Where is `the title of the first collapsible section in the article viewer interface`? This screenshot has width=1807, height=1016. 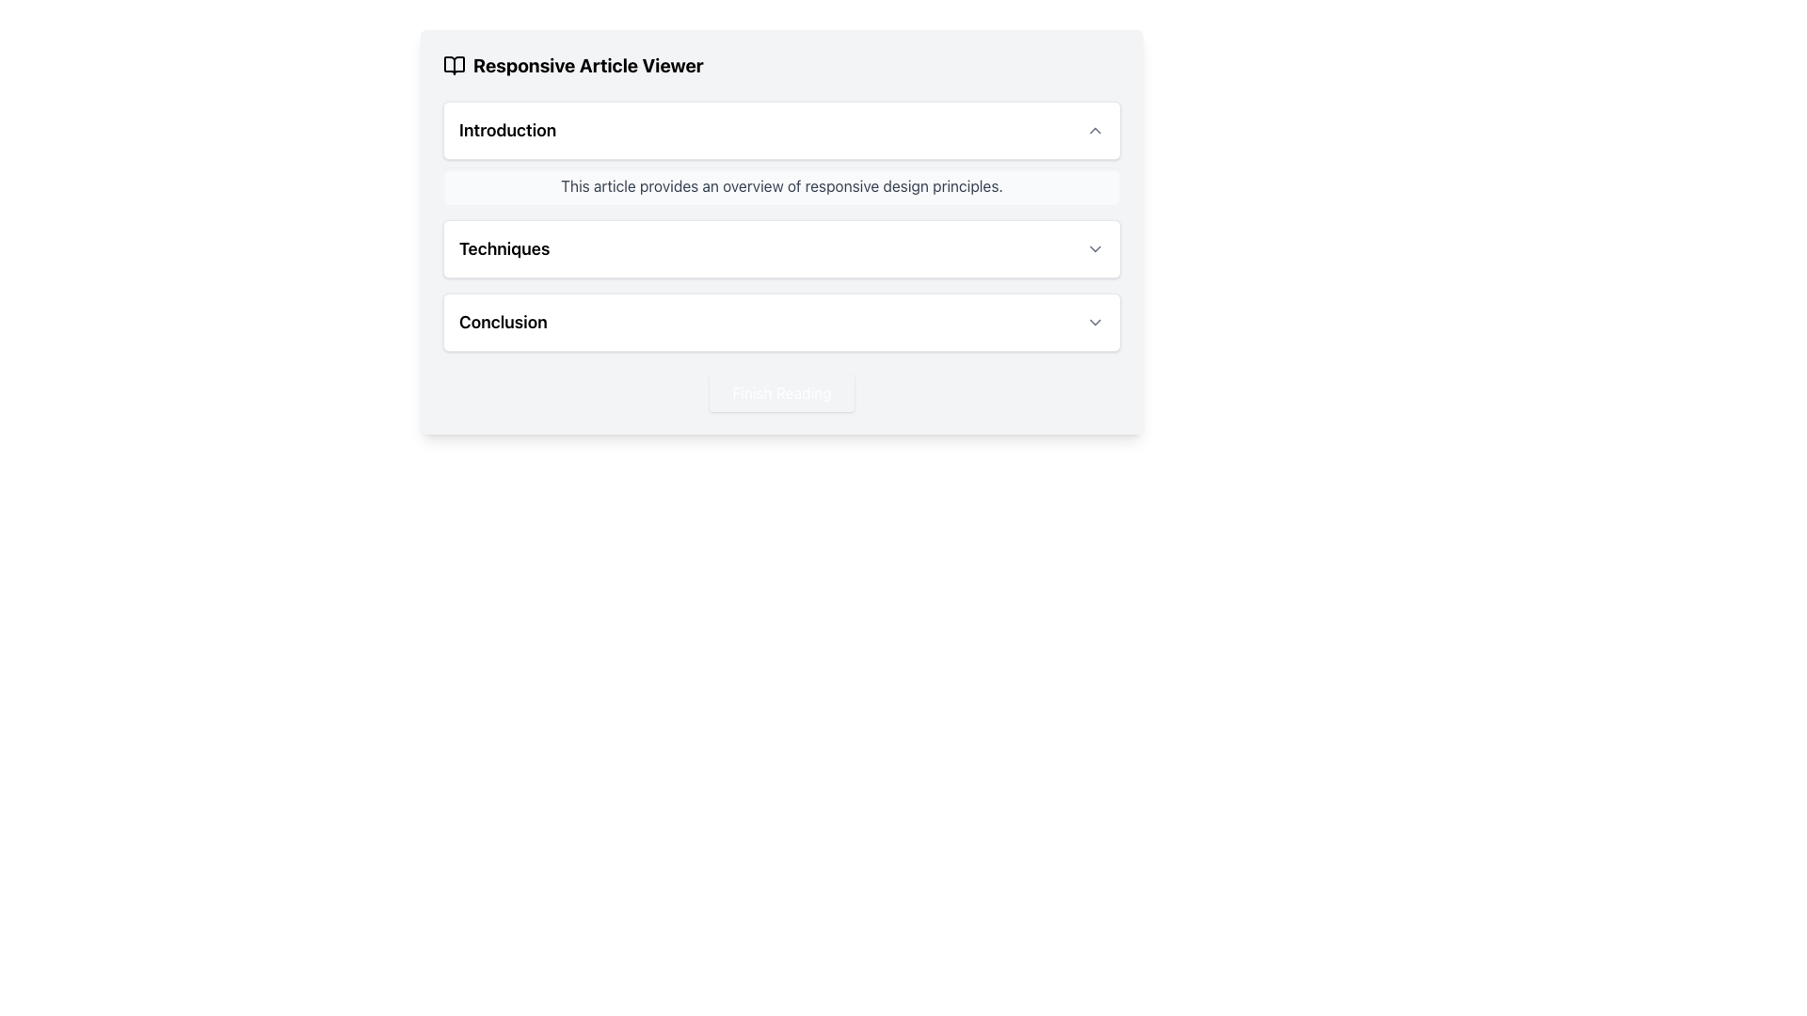
the title of the first collapsible section in the article viewer interface is located at coordinates (781, 151).